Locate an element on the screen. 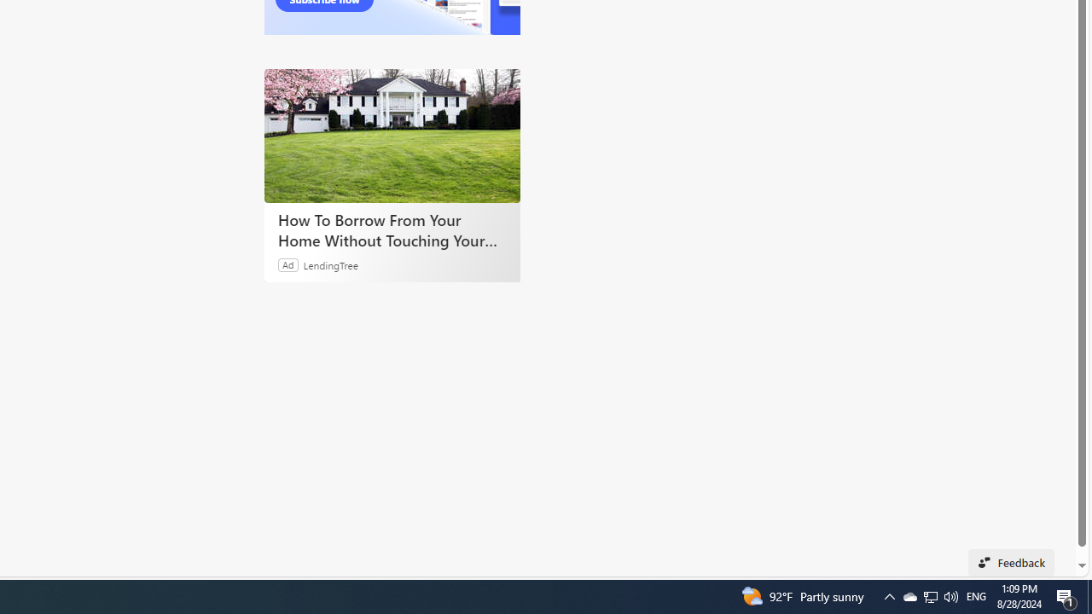 The height and width of the screenshot is (614, 1092). 'LendingTree' is located at coordinates (330, 264).